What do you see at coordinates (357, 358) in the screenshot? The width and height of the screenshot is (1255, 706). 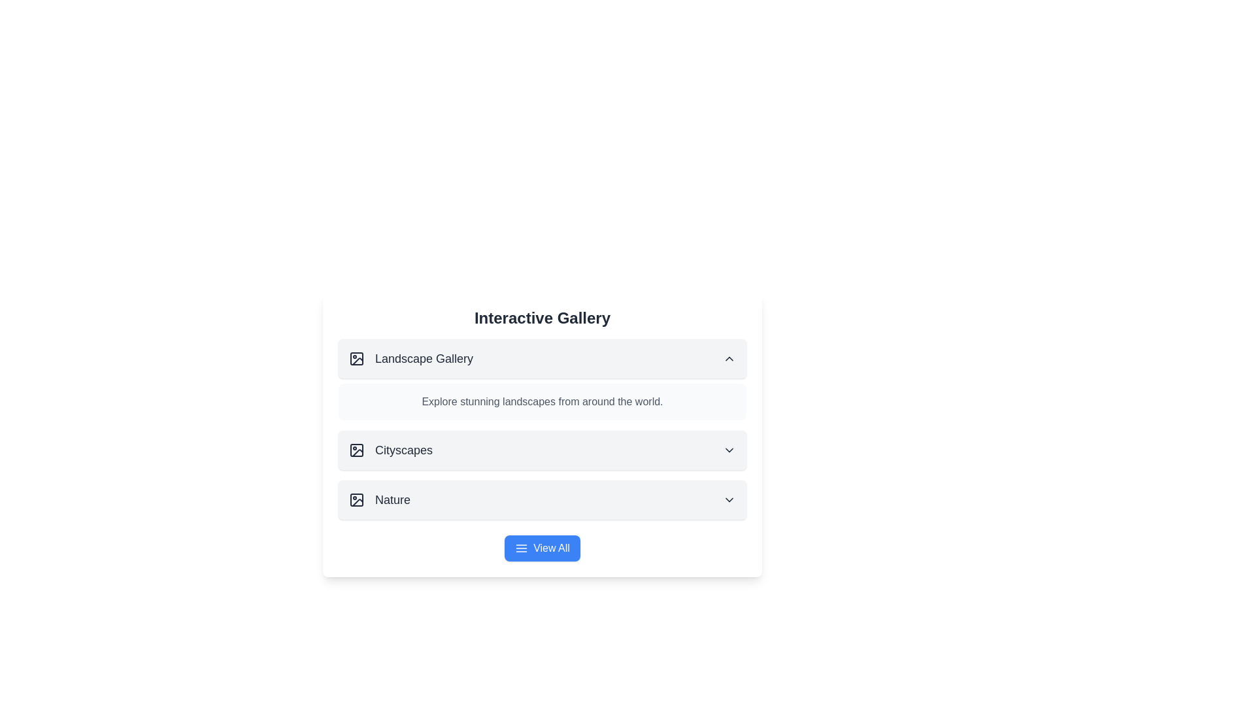 I see `UI layout including the decorative SVG rectangle with rounded corners that is part of the icon preceding the 'Landscape Gallery' label in the Interactive Gallery interface` at bounding box center [357, 358].